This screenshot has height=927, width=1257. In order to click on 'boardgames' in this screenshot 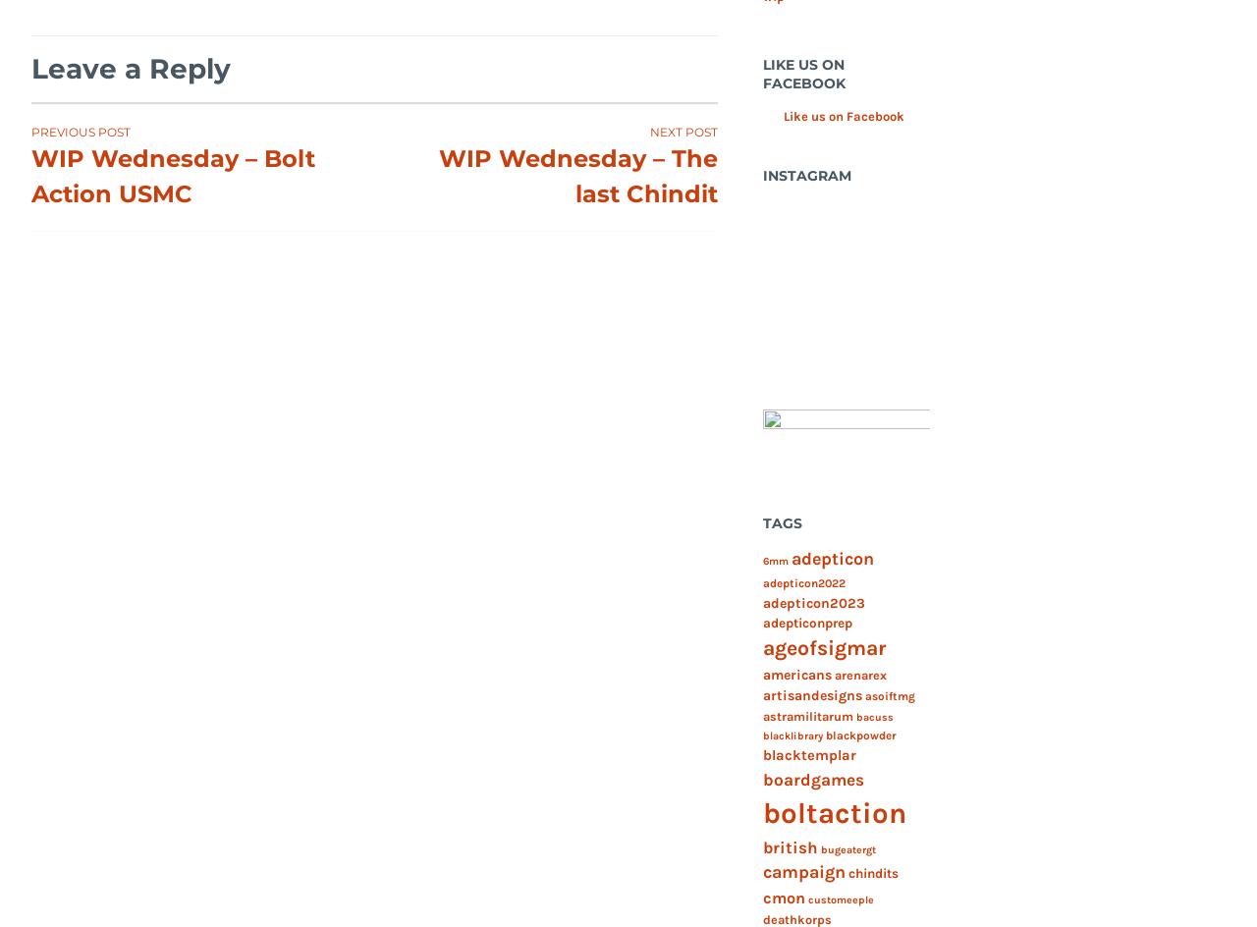, I will do `click(812, 777)`.